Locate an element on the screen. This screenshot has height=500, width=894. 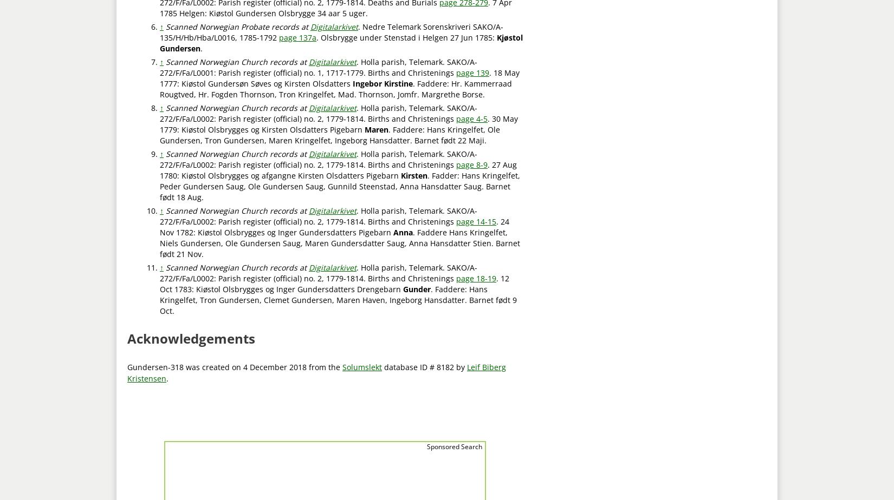
'. Faddere: Hans Kringelfet, Tron Gundersen, Clemet Gundersen, Maren Haven, Ingeborg Hansdatter. Barnet født 9 Oct.' is located at coordinates (338, 299).